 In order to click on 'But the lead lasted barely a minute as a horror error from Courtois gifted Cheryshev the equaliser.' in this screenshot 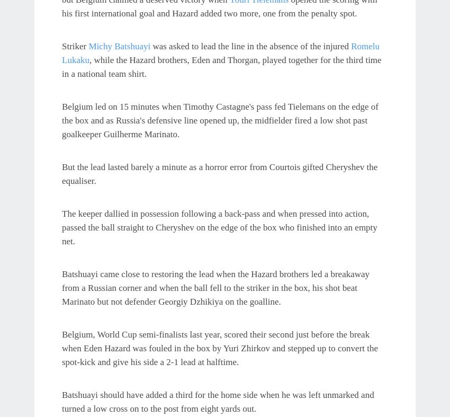, I will do `click(219, 173)`.